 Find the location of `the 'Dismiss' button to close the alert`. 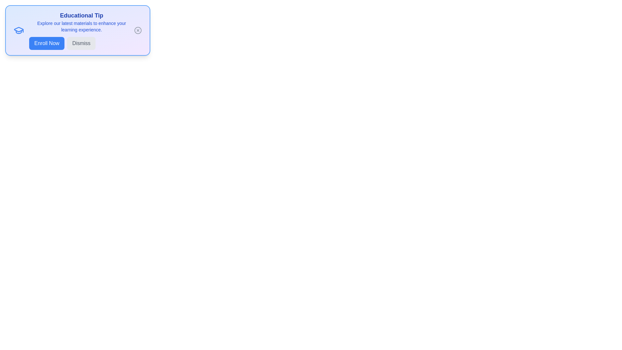

the 'Dismiss' button to close the alert is located at coordinates (81, 43).